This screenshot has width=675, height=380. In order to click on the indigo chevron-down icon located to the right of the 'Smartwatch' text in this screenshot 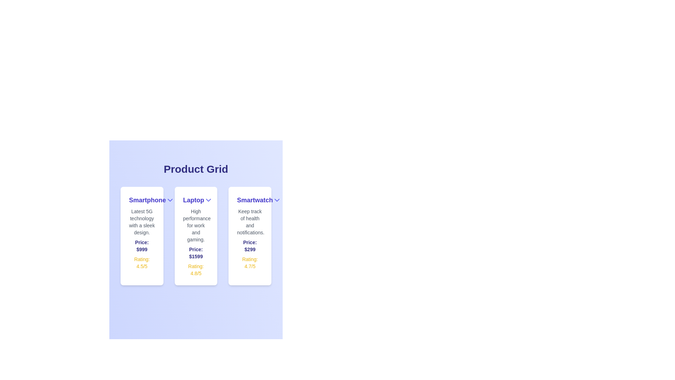, I will do `click(277, 200)`.